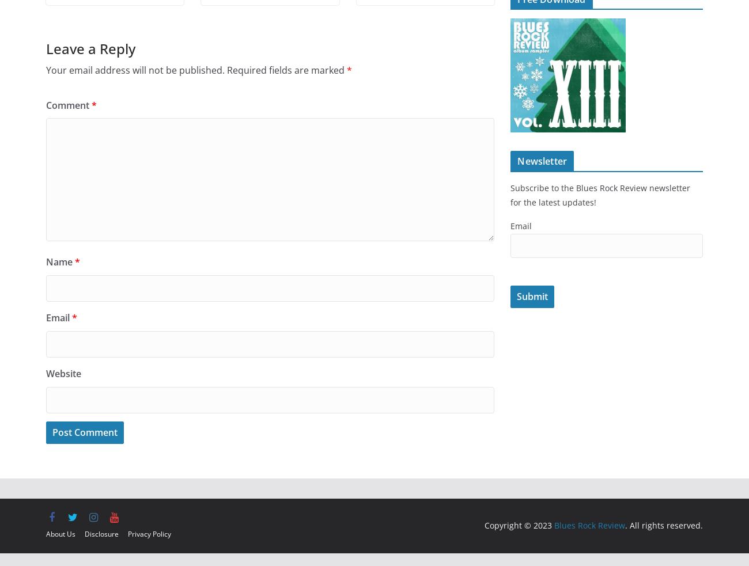 The width and height of the screenshot is (749, 566). Describe the element at coordinates (542, 161) in the screenshot. I see `'Newsletter'` at that location.